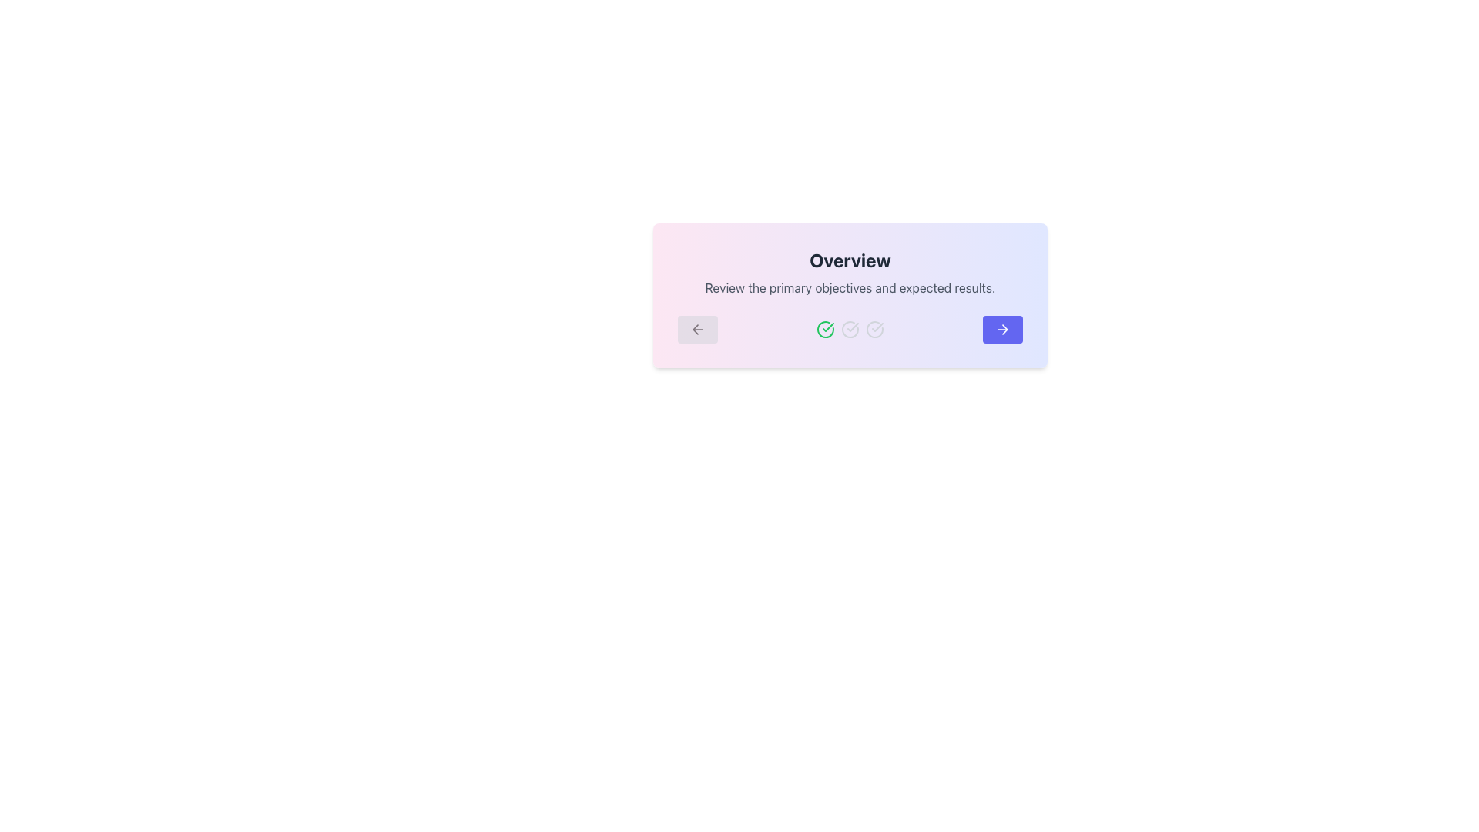 This screenshot has height=832, width=1479. I want to click on the semi-transparent gray button with rounded corners and a leftward arrow icon, located at the far-left side of the layout, so click(697, 329).